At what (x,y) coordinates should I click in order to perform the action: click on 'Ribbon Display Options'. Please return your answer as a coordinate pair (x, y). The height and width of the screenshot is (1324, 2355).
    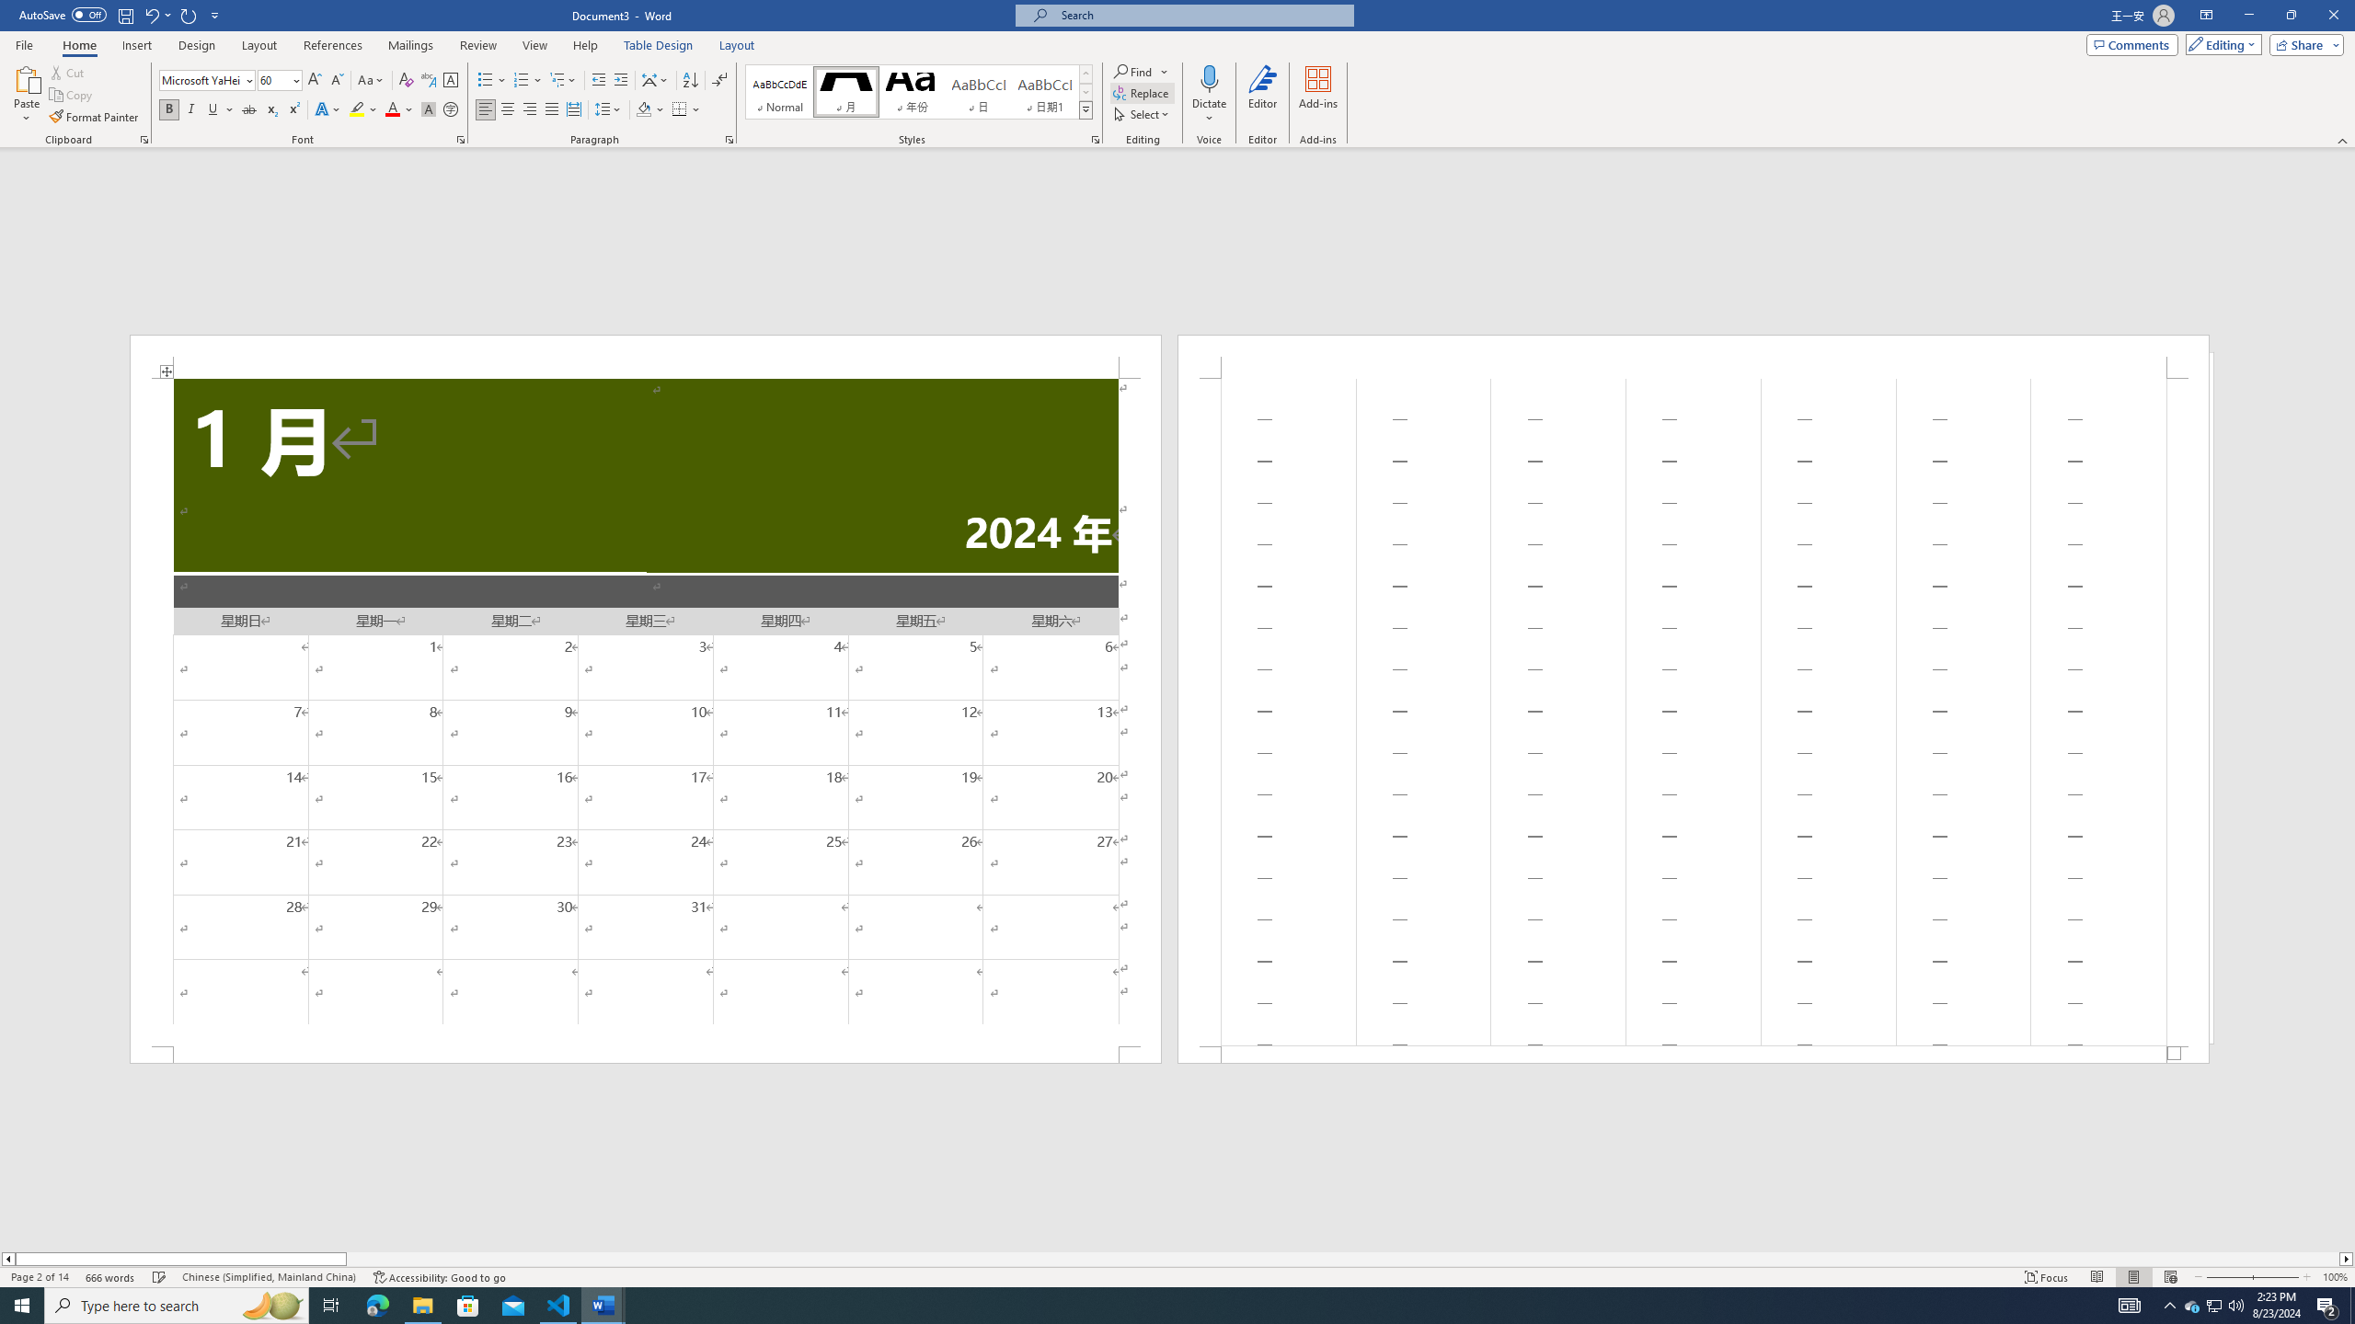
    Looking at the image, I should click on (2205, 15).